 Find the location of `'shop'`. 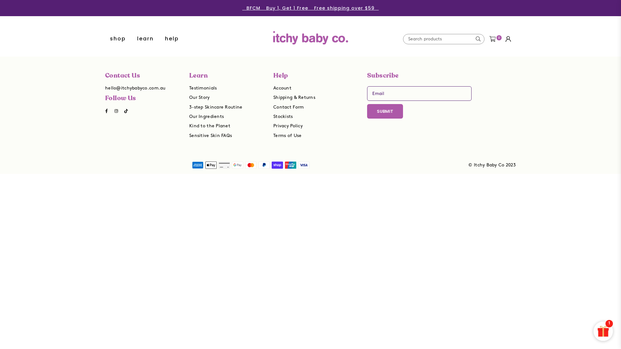

'shop' is located at coordinates (105, 39).